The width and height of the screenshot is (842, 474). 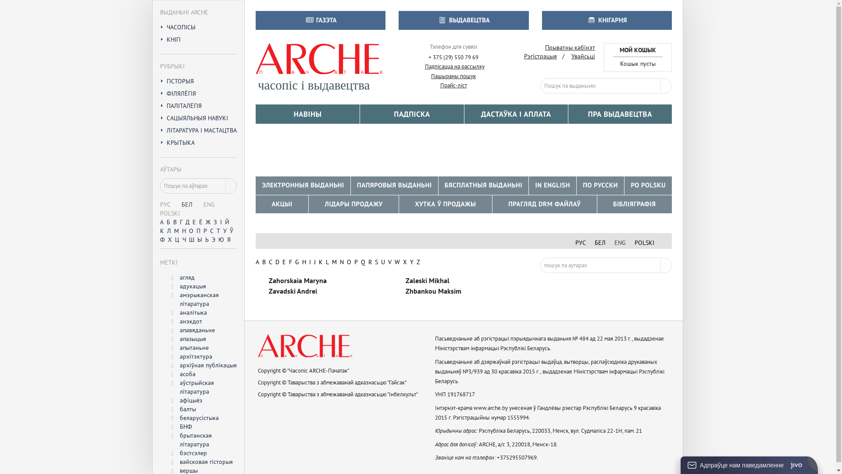 I want to click on 'S', so click(x=375, y=262).